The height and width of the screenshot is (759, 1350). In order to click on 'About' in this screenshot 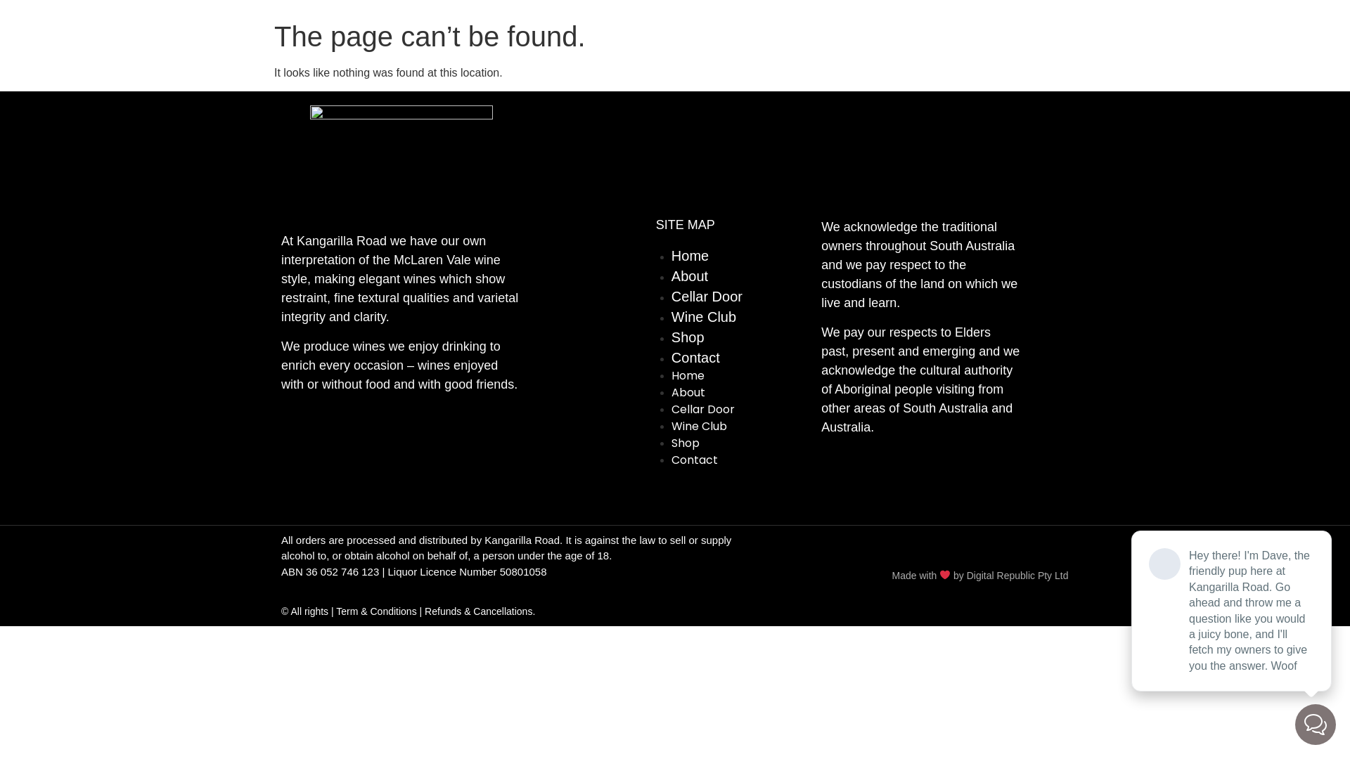, I will do `click(688, 392)`.